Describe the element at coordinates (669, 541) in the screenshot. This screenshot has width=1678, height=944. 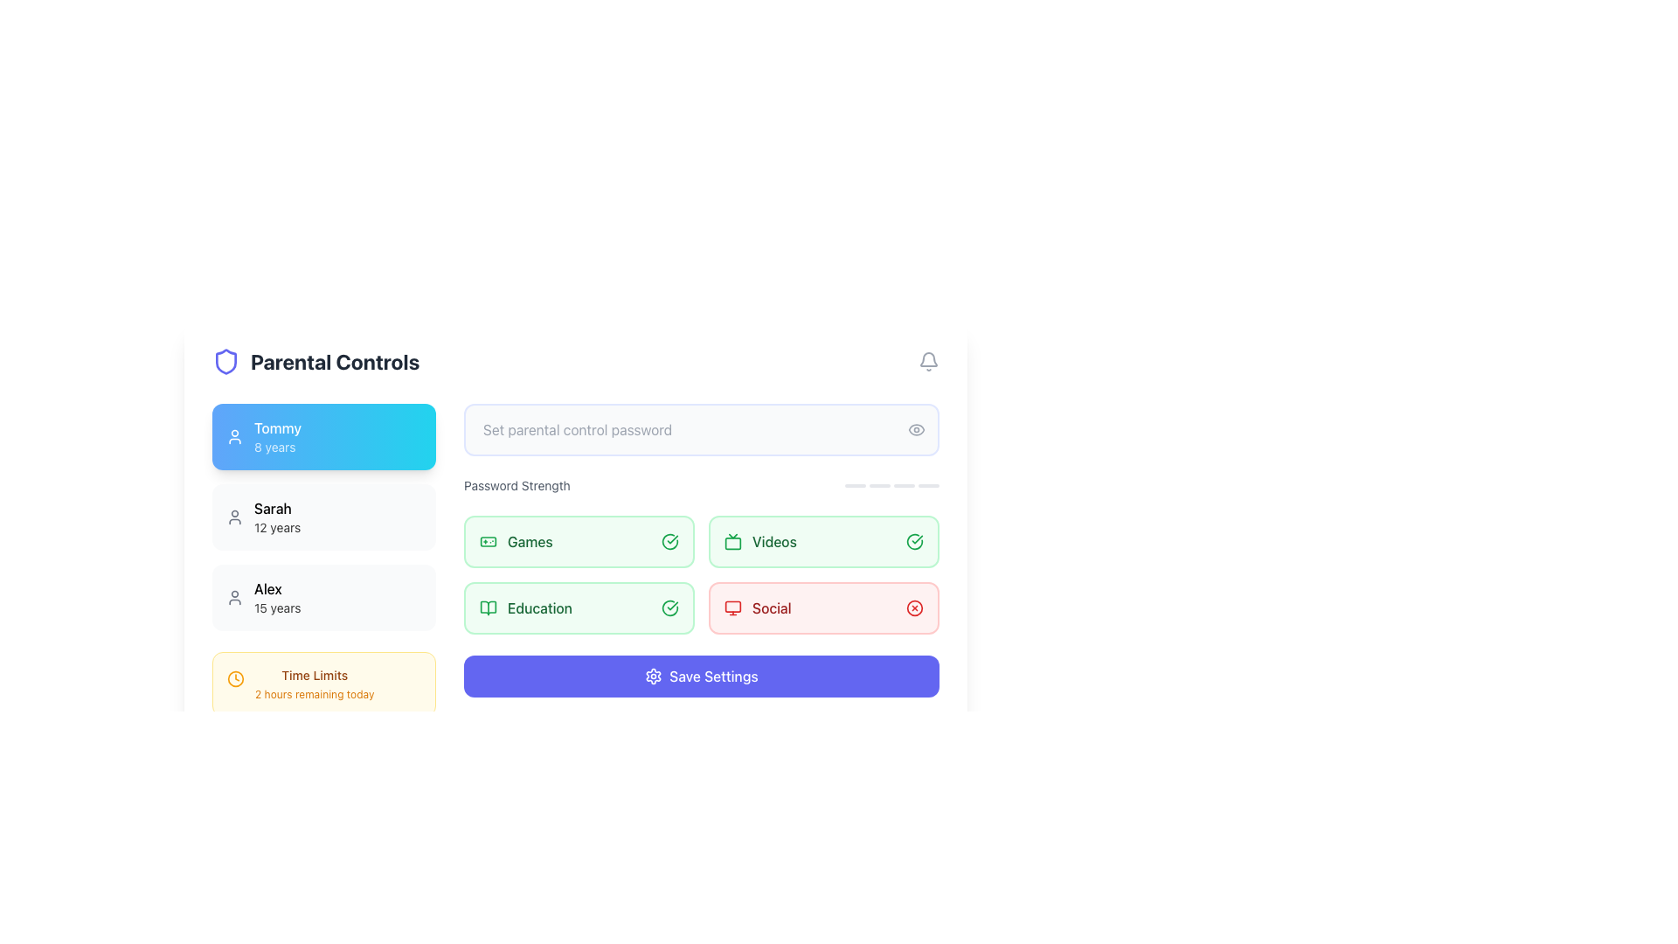
I see `the outer circular component of the SVG icon indicating a 'check' or 'successful' status for the 'Games' section, located to the right of the 'Games' label in the 'Password Strength' section` at that location.